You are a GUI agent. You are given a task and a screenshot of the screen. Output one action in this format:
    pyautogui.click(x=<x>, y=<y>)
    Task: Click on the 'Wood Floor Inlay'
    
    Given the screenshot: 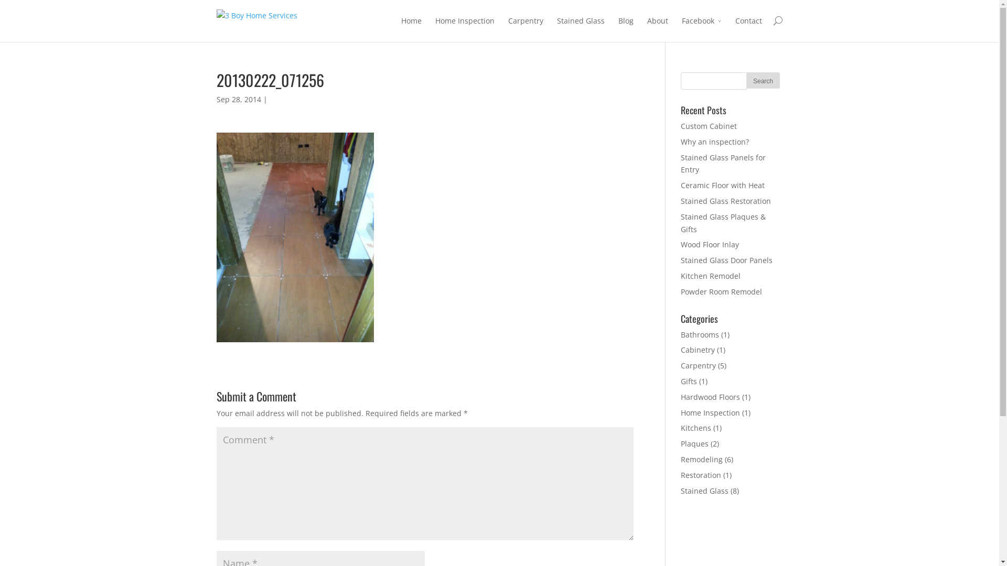 What is the action you would take?
    pyautogui.click(x=710, y=244)
    